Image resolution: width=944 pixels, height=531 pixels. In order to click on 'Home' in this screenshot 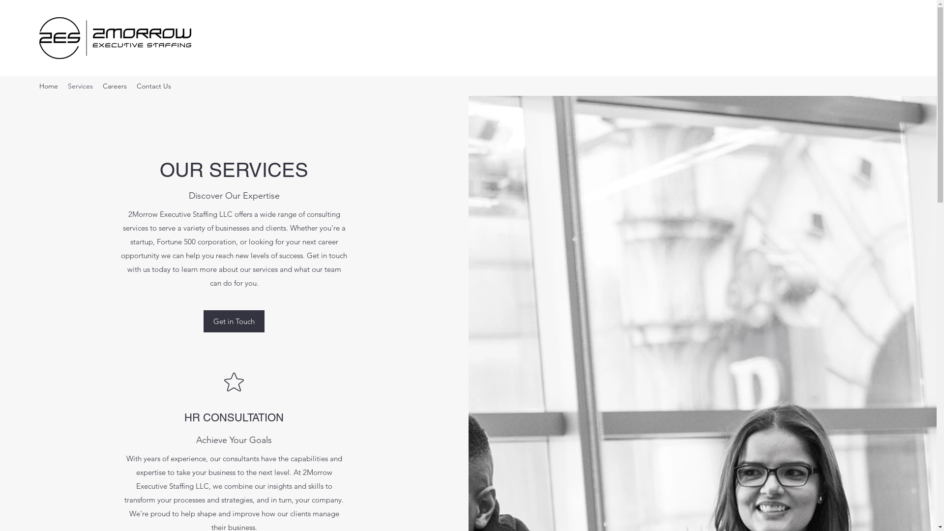, I will do `click(34, 85)`.